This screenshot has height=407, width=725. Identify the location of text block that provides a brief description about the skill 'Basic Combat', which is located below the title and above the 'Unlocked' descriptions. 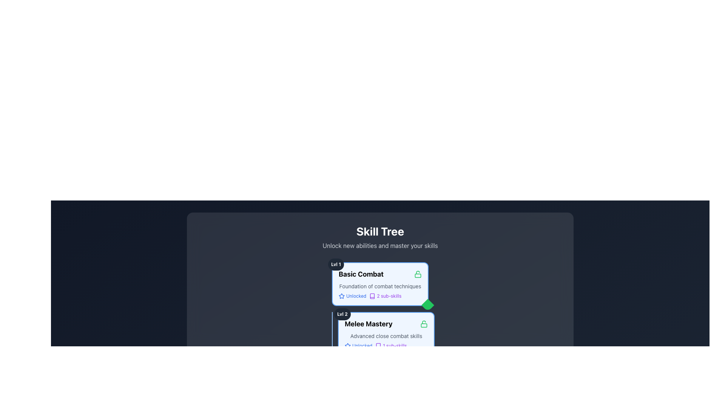
(380, 286).